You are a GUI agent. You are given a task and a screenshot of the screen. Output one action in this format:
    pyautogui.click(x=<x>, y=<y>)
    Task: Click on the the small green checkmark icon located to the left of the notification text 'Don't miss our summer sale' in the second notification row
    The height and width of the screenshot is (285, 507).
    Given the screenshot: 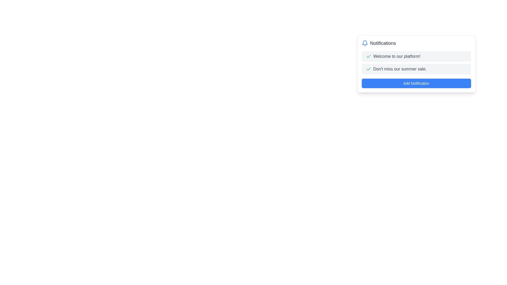 What is the action you would take?
    pyautogui.click(x=368, y=69)
    